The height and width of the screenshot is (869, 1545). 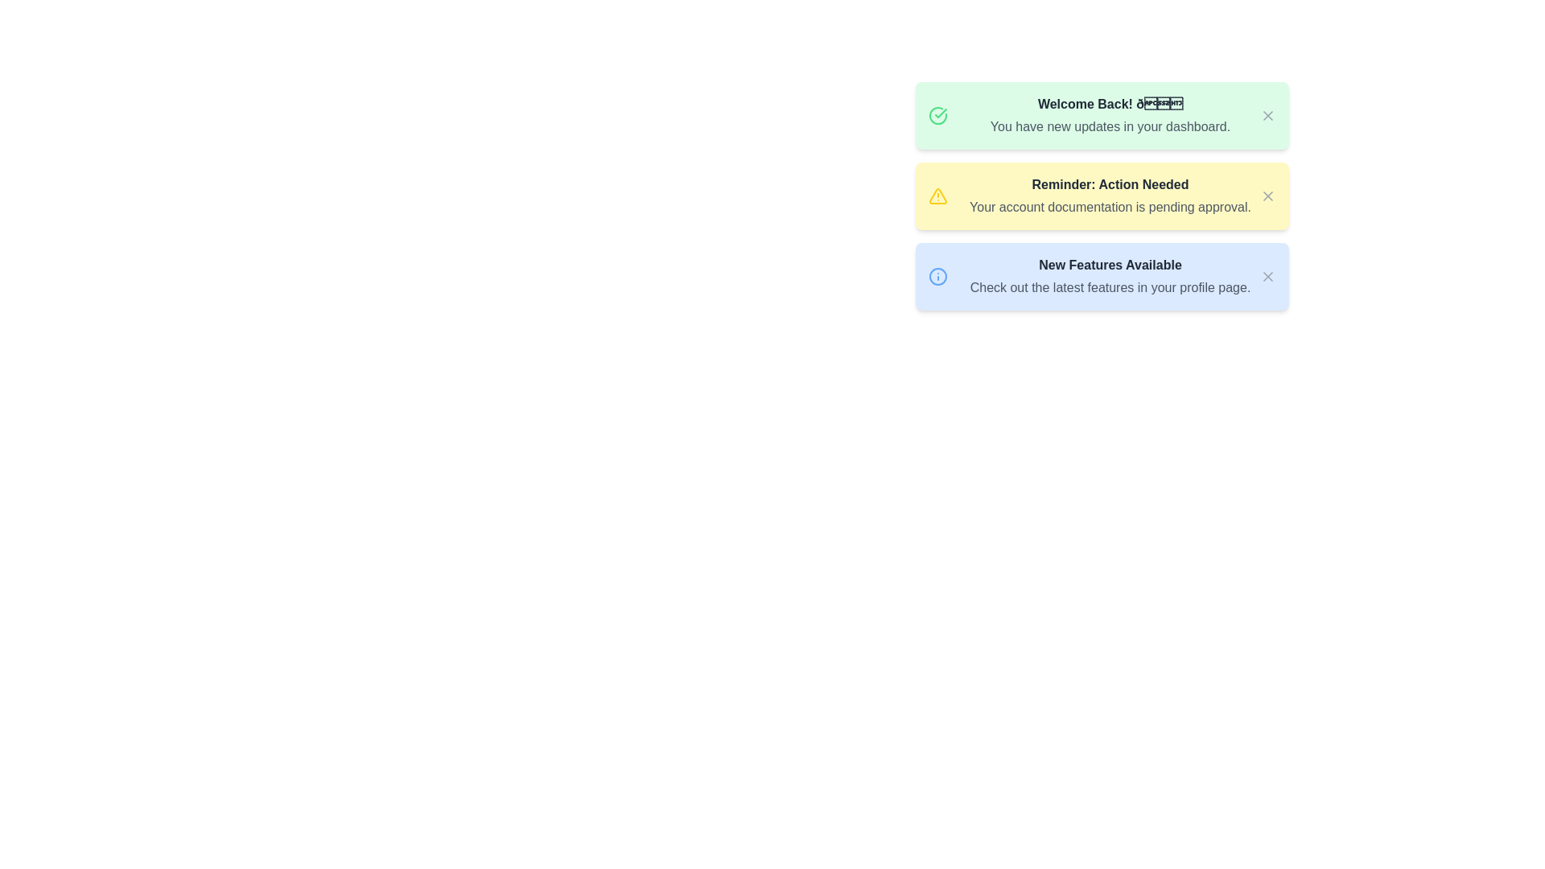 What do you see at coordinates (938, 114) in the screenshot?
I see `the success indicator icon located in the top left corner of the green panel with the message 'Welcome Back!'` at bounding box center [938, 114].